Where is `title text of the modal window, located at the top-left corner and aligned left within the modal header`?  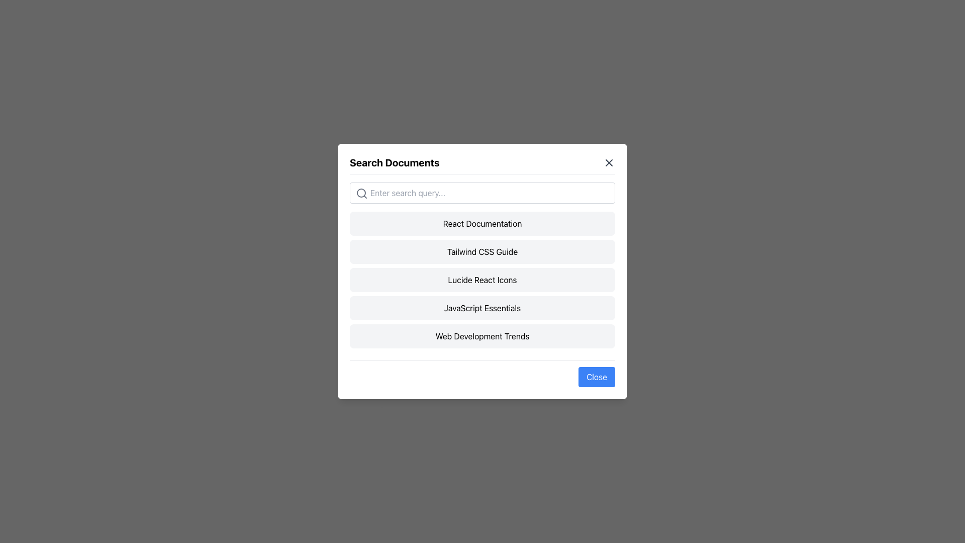 title text of the modal window, located at the top-left corner and aligned left within the modal header is located at coordinates (394, 162).